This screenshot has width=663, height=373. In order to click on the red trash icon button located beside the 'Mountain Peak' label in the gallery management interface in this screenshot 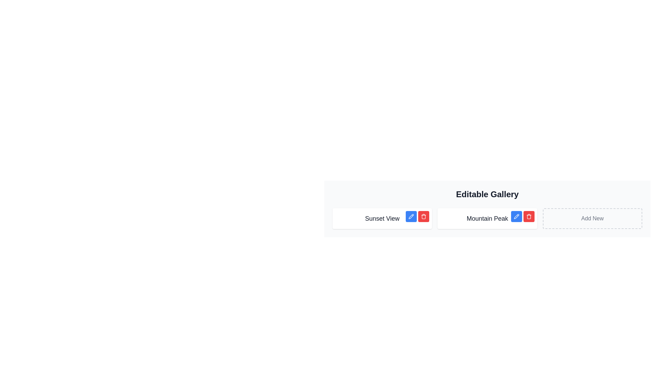, I will do `click(528, 216)`.